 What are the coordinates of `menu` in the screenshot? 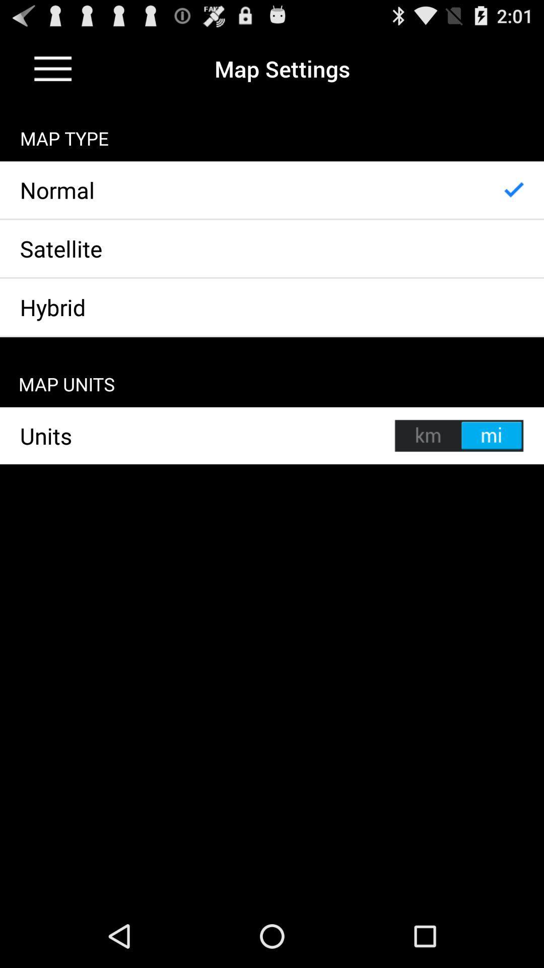 It's located at (53, 68).